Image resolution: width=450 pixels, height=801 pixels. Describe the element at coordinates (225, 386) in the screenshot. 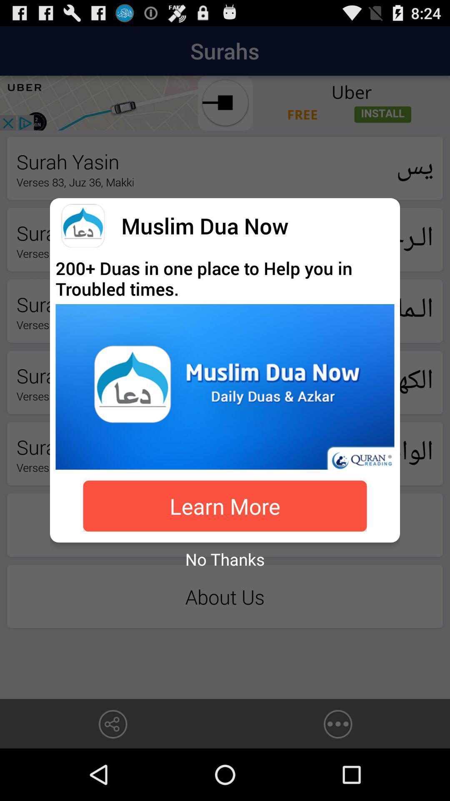

I see `open advertisement` at that location.